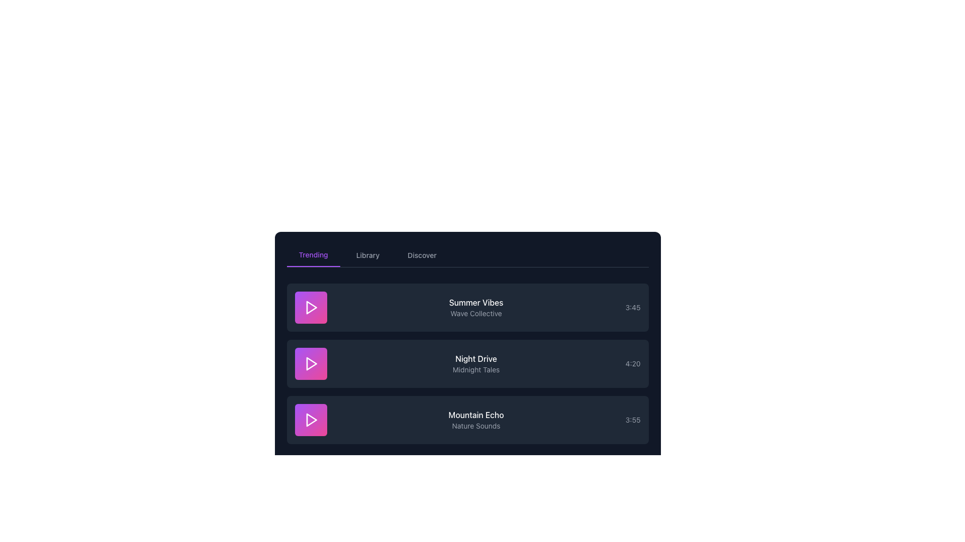 This screenshot has height=542, width=965. What do you see at coordinates (310, 364) in the screenshot?
I see `the play button for the audio track 'Night Drive'` at bounding box center [310, 364].